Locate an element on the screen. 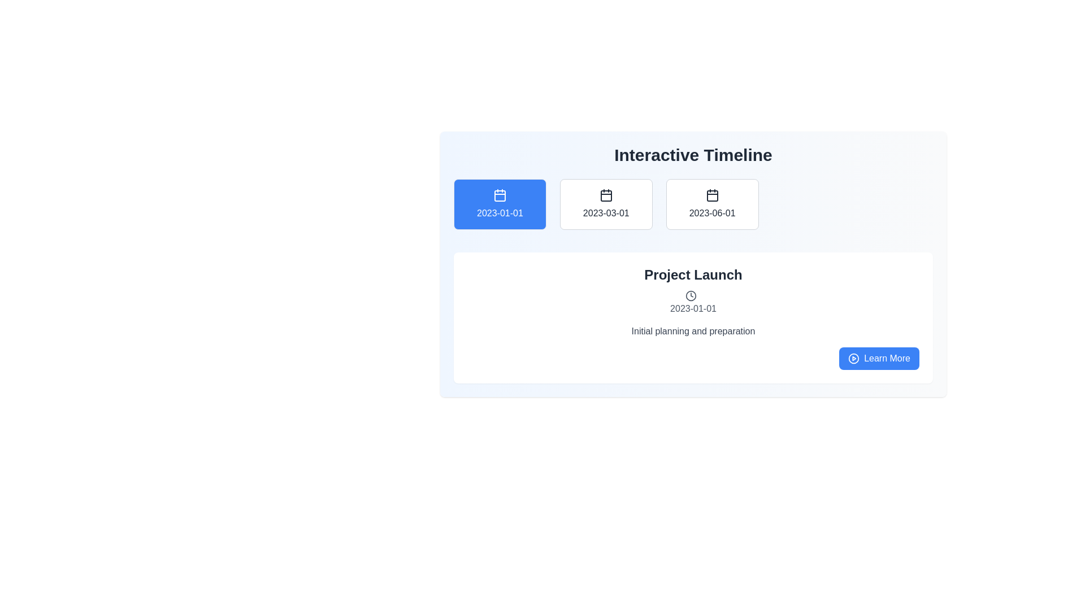  the rightmost selectable date card displaying '2023-06-01' in the Interactive Timeline section is located at coordinates (693, 209).